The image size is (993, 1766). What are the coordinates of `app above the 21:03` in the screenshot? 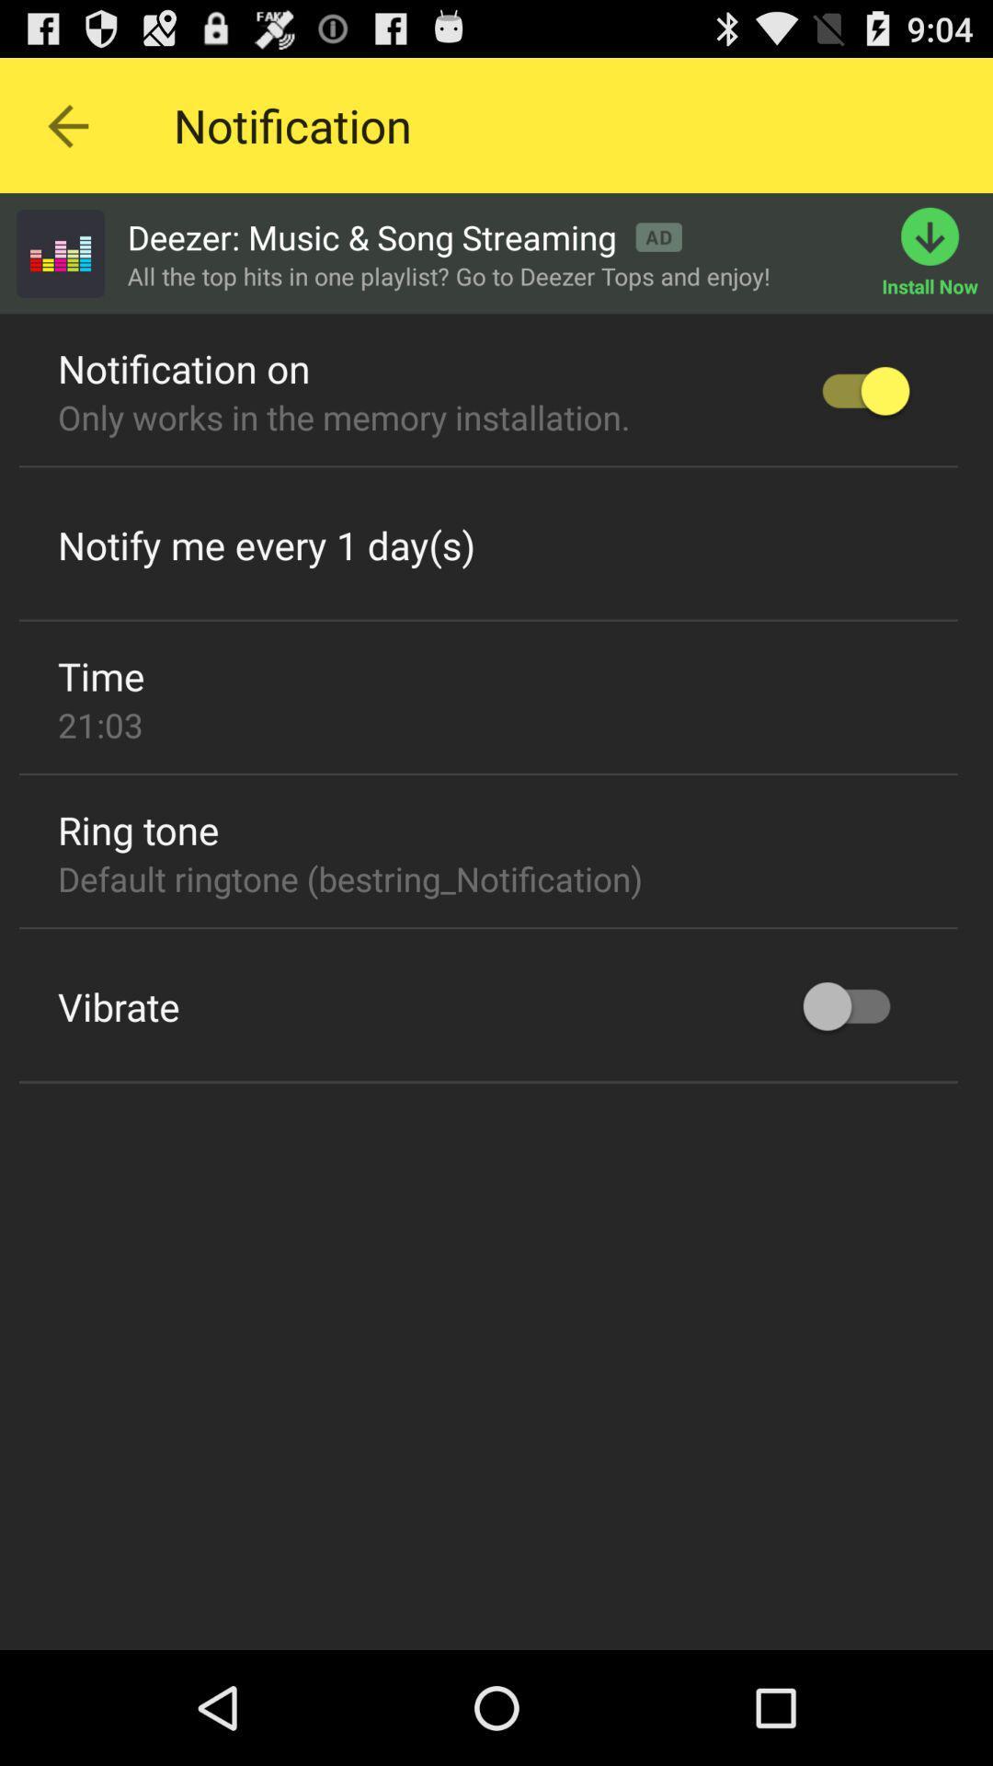 It's located at (101, 674).